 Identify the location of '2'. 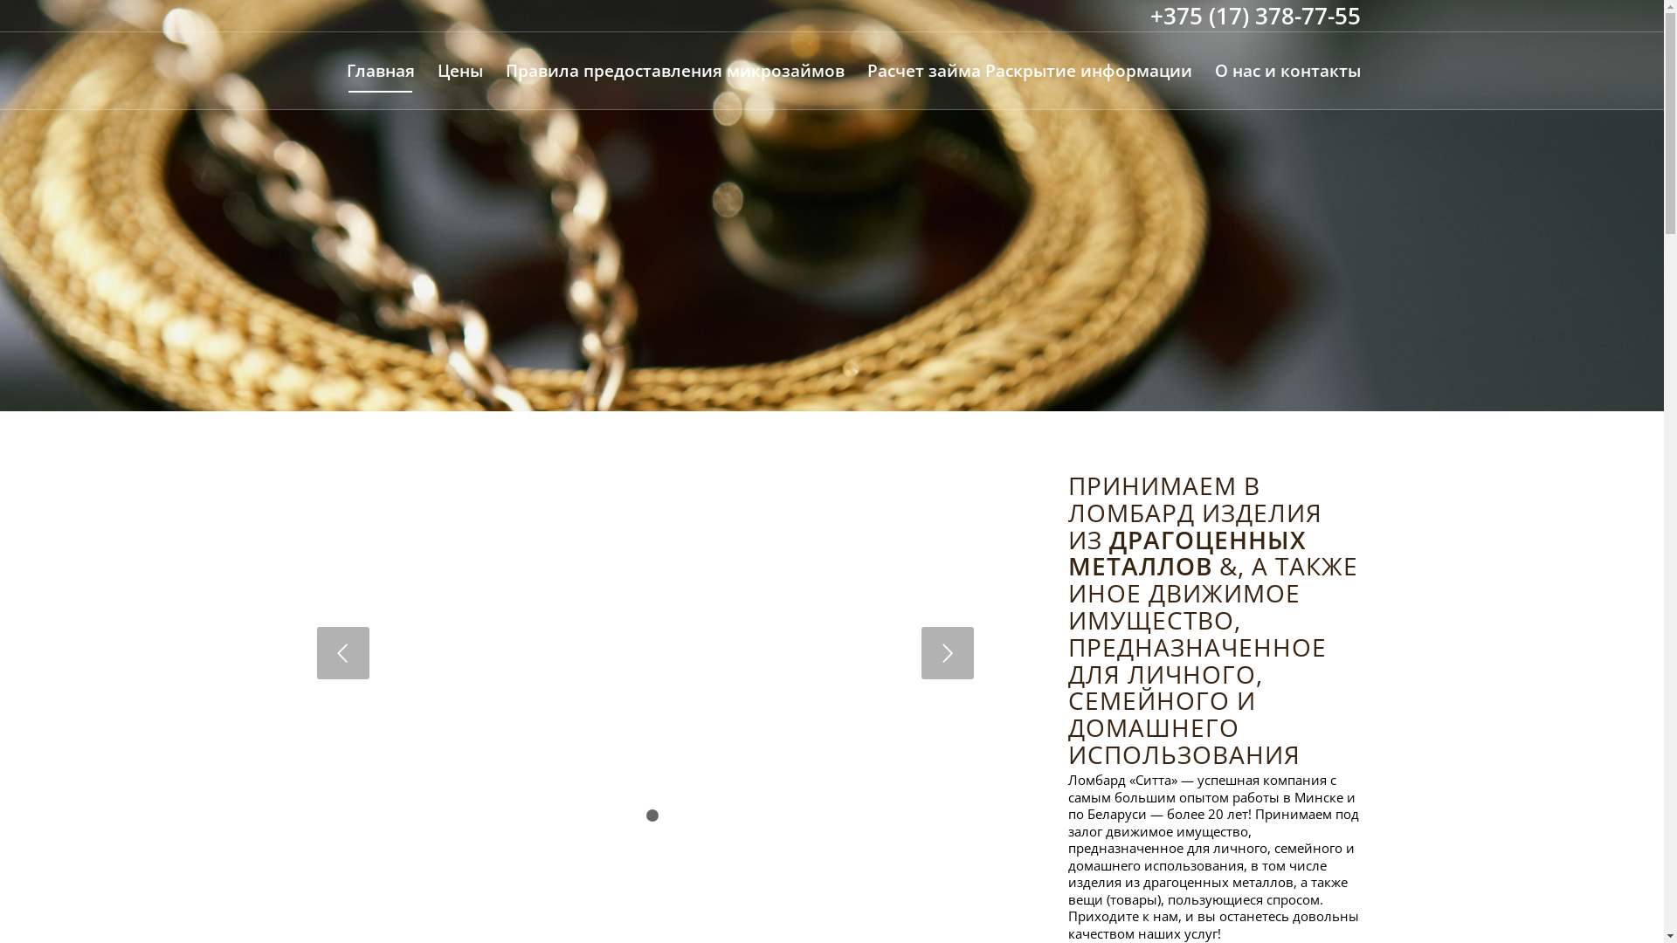
(645, 815).